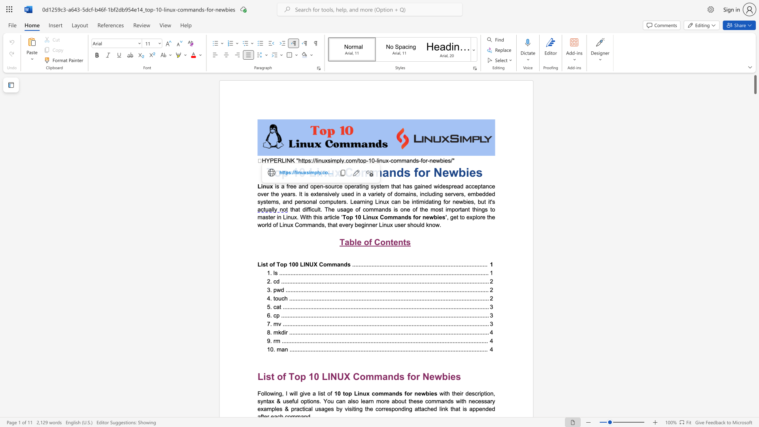  What do you see at coordinates (472, 172) in the screenshot?
I see `the 2th character "e" in the text` at bounding box center [472, 172].